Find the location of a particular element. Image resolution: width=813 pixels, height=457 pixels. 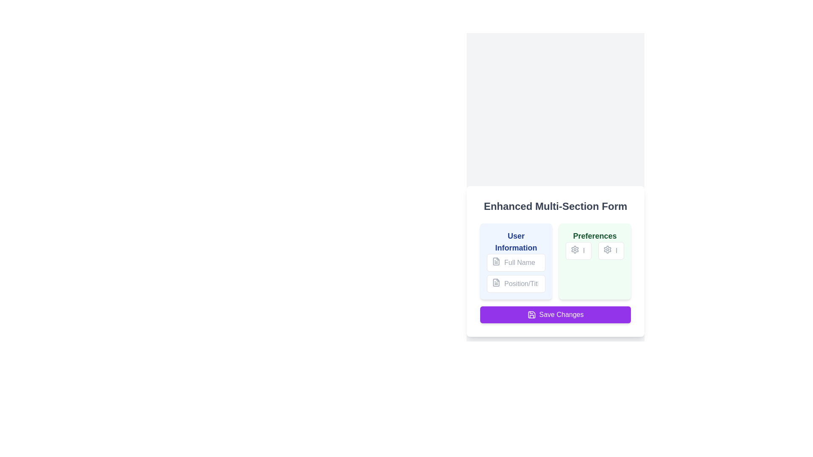

the SVG Icon that represents the save functionality, located within the 'Save Changes' button at the bottom of the form interface is located at coordinates (531, 315).